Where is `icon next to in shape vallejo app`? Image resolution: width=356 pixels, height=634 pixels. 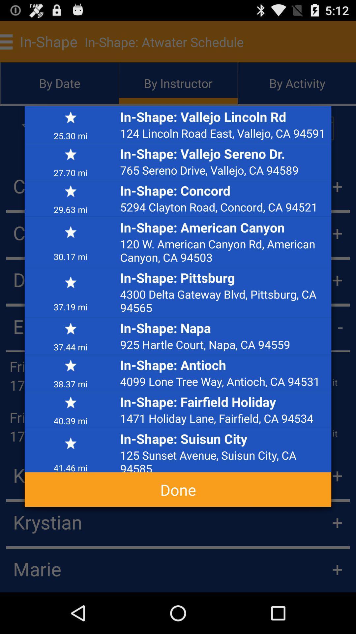 icon next to in shape vallejo app is located at coordinates (71, 172).